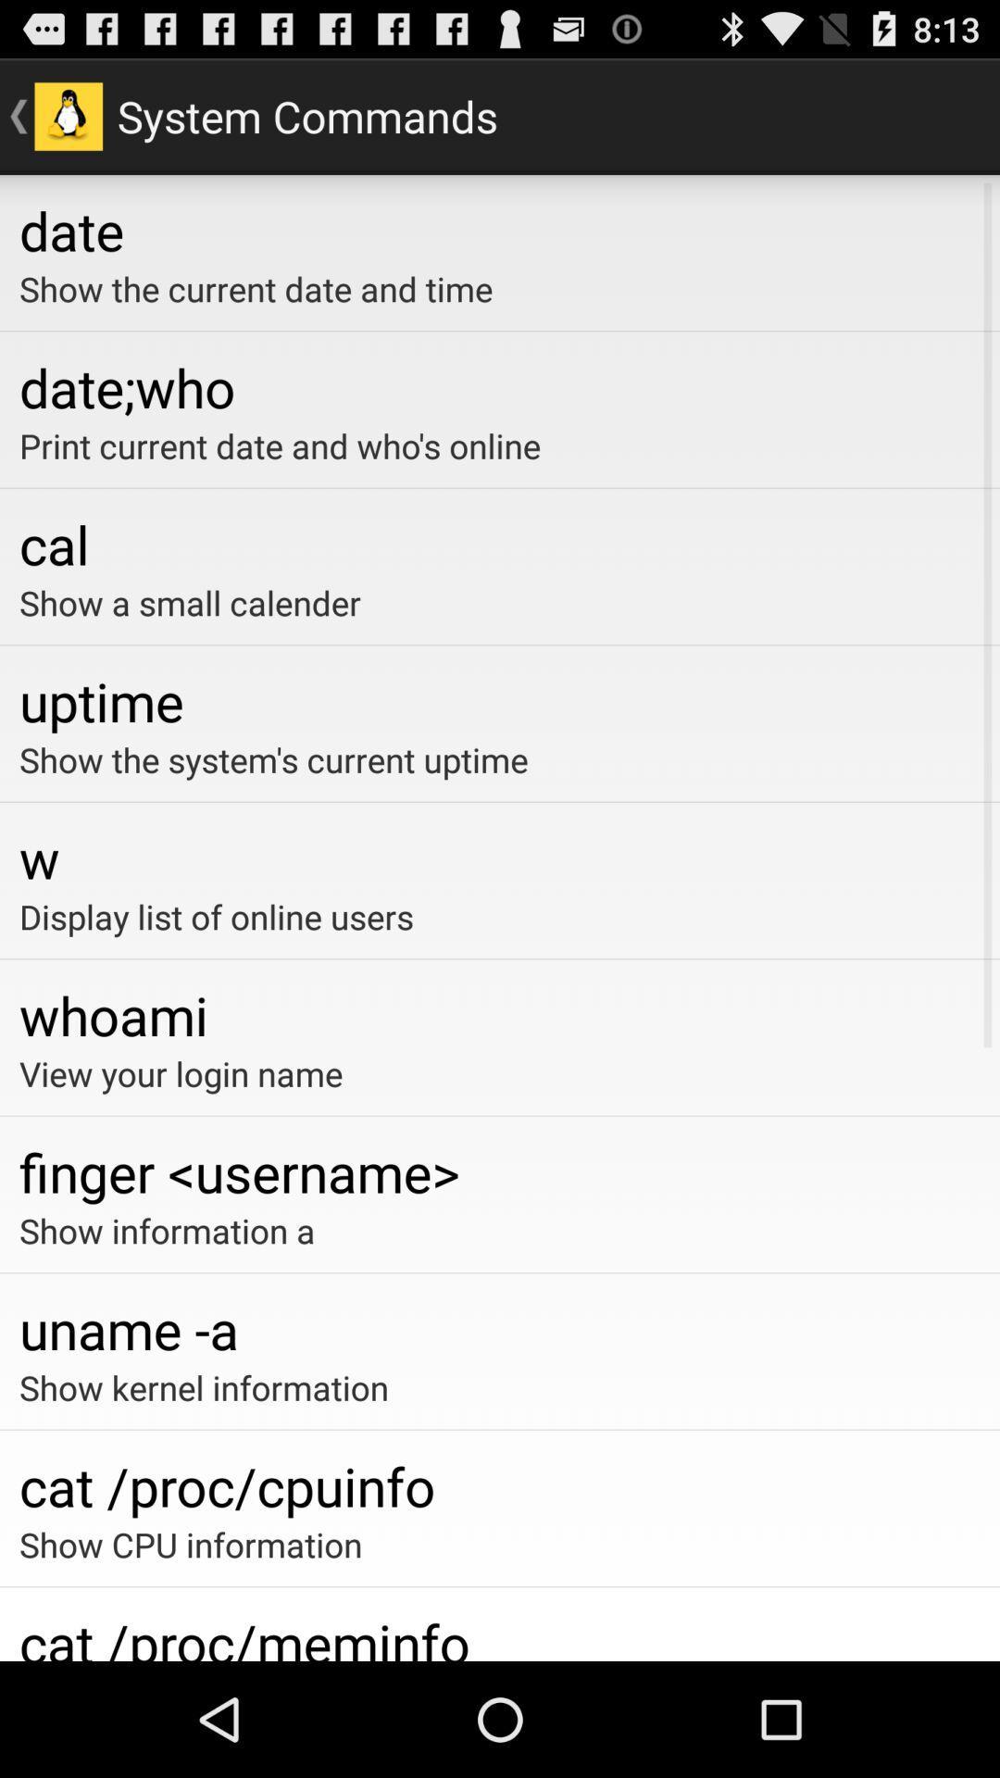 This screenshot has height=1778, width=1000. Describe the element at coordinates (500, 1328) in the screenshot. I see `item below show information a app` at that location.